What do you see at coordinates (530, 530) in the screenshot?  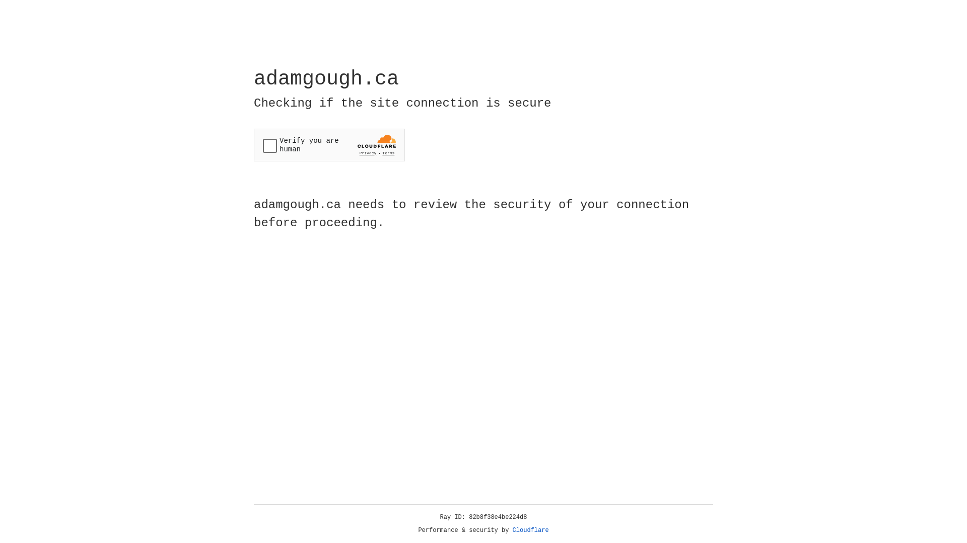 I see `'Cloudflare'` at bounding box center [530, 530].